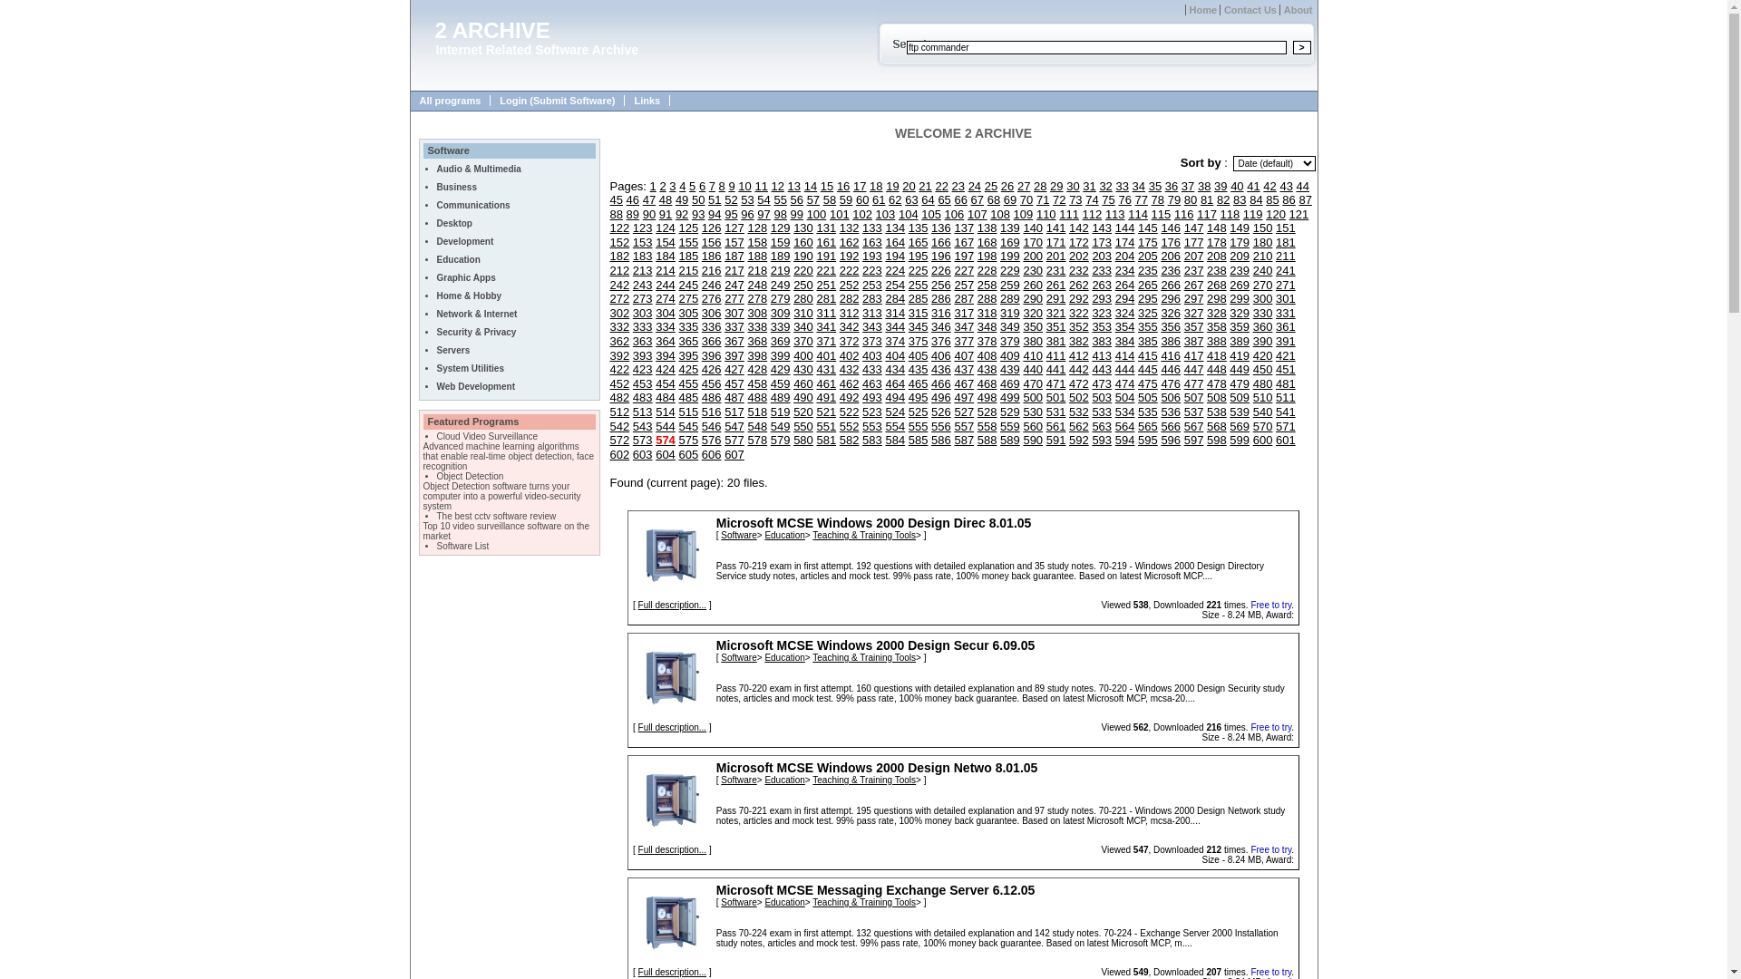 Image resolution: width=1741 pixels, height=979 pixels. I want to click on 'The best cctv software review', so click(496, 516).